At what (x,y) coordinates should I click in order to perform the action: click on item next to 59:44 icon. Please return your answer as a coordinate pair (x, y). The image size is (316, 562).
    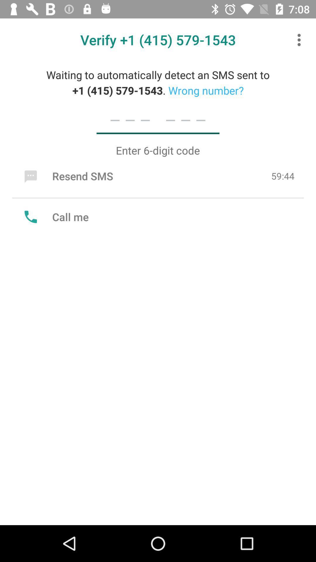
    Looking at the image, I should click on (67, 176).